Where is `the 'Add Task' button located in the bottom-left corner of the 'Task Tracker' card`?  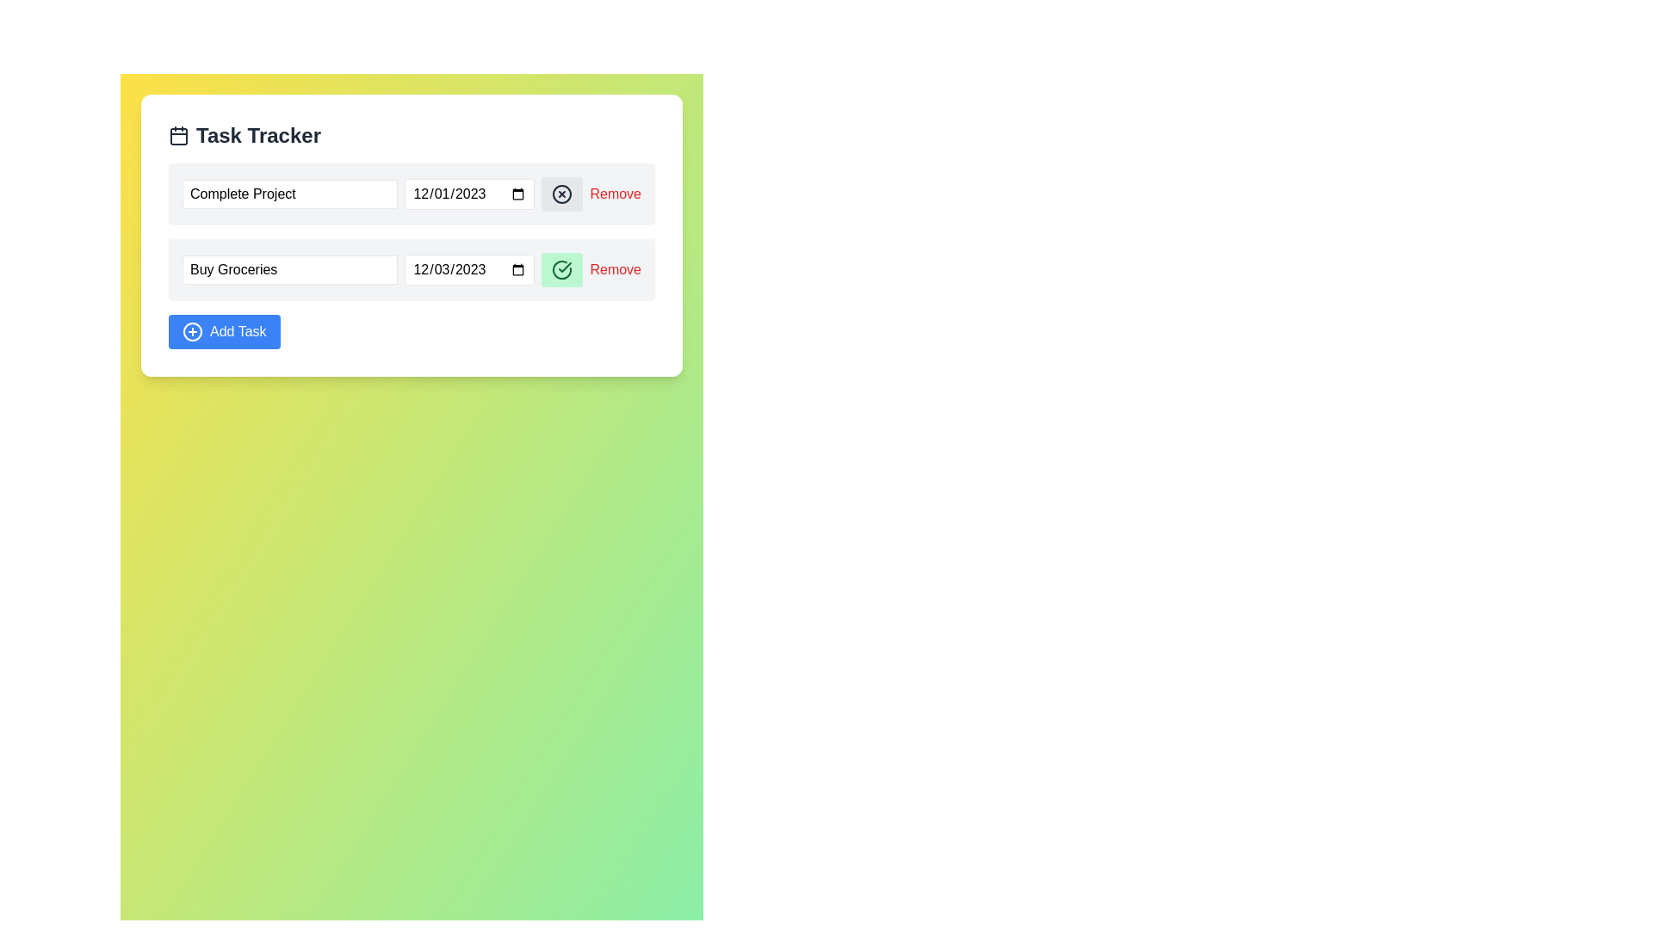 the 'Add Task' button located in the bottom-left corner of the 'Task Tracker' card is located at coordinates (223, 331).